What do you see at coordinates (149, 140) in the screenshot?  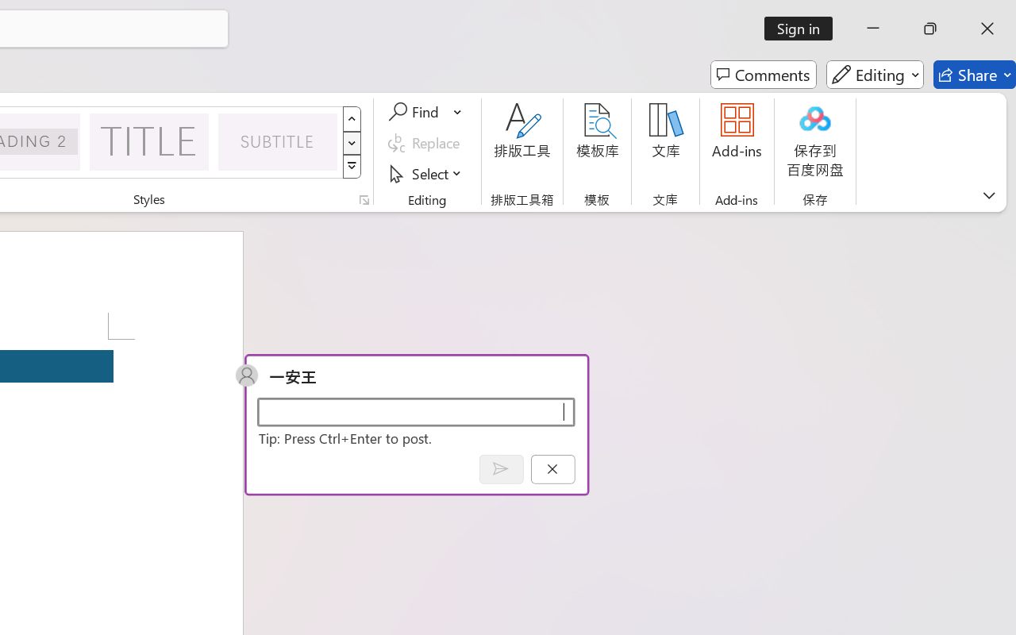 I see `'Title'` at bounding box center [149, 140].